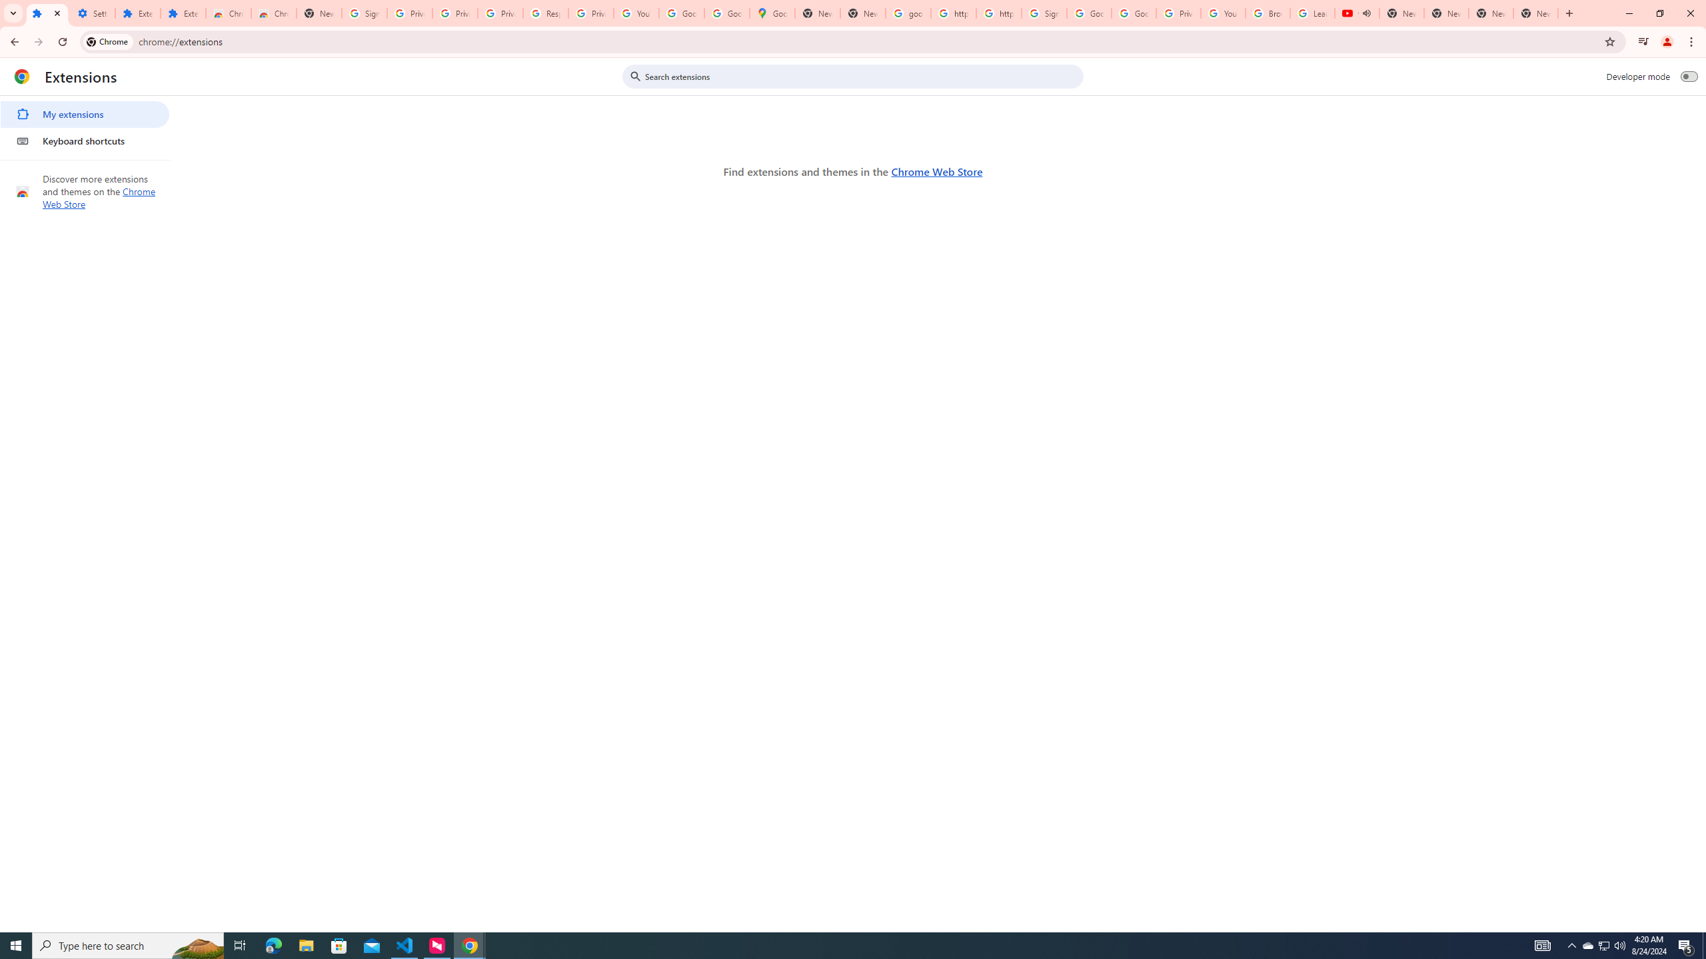  I want to click on 'AutomationID: sectionMenu', so click(85, 125).